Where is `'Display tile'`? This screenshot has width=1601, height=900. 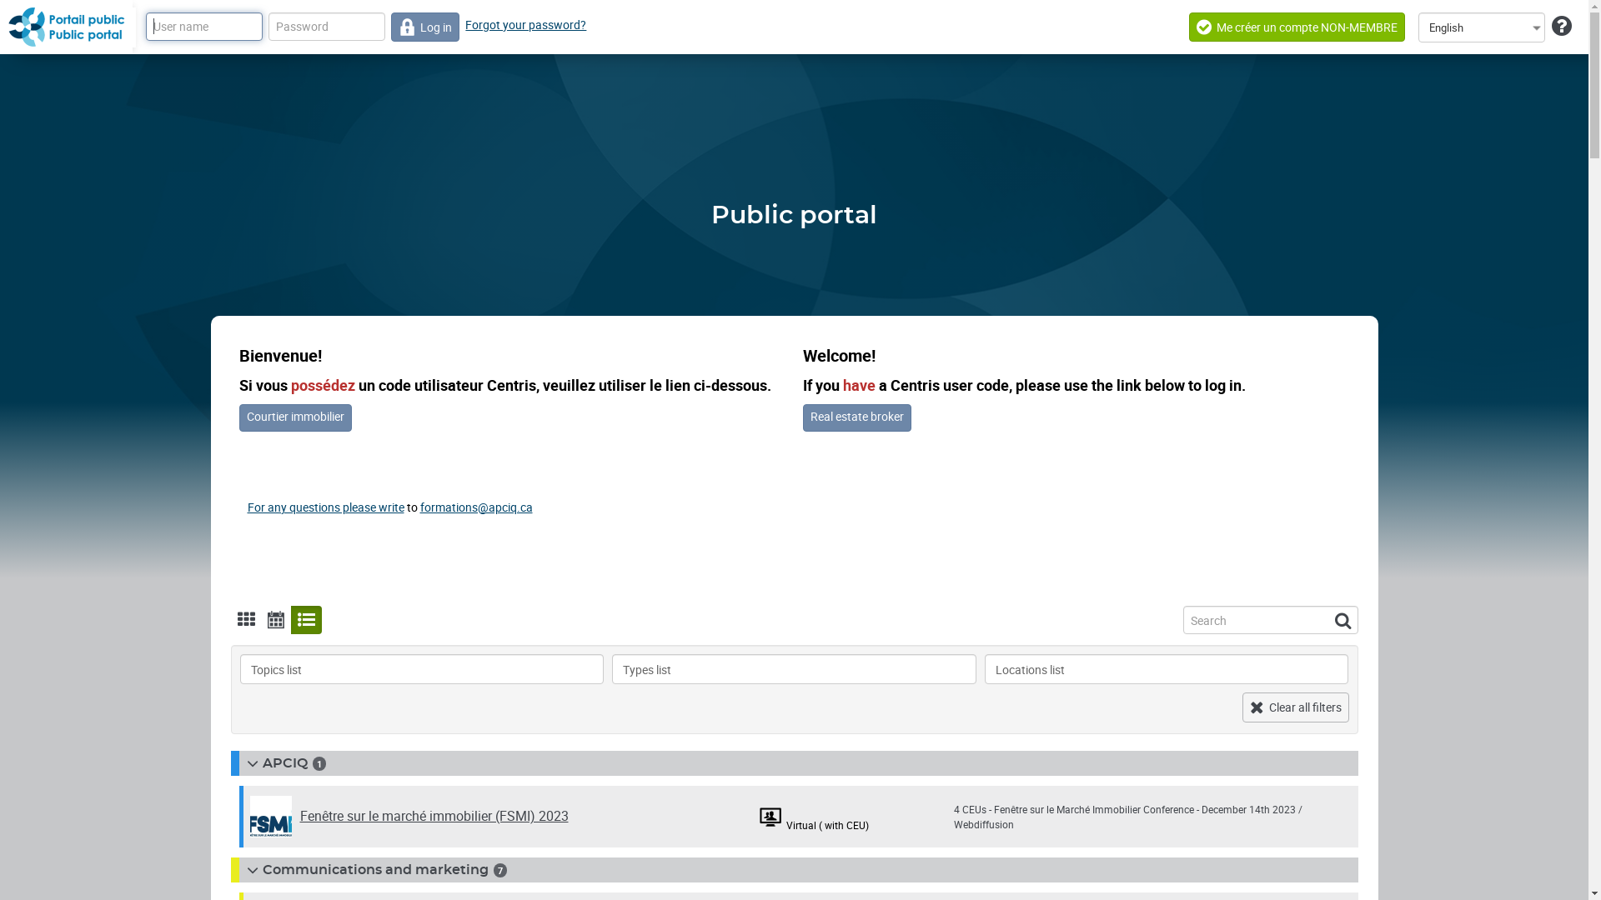 'Display tile' is located at coordinates (234, 614).